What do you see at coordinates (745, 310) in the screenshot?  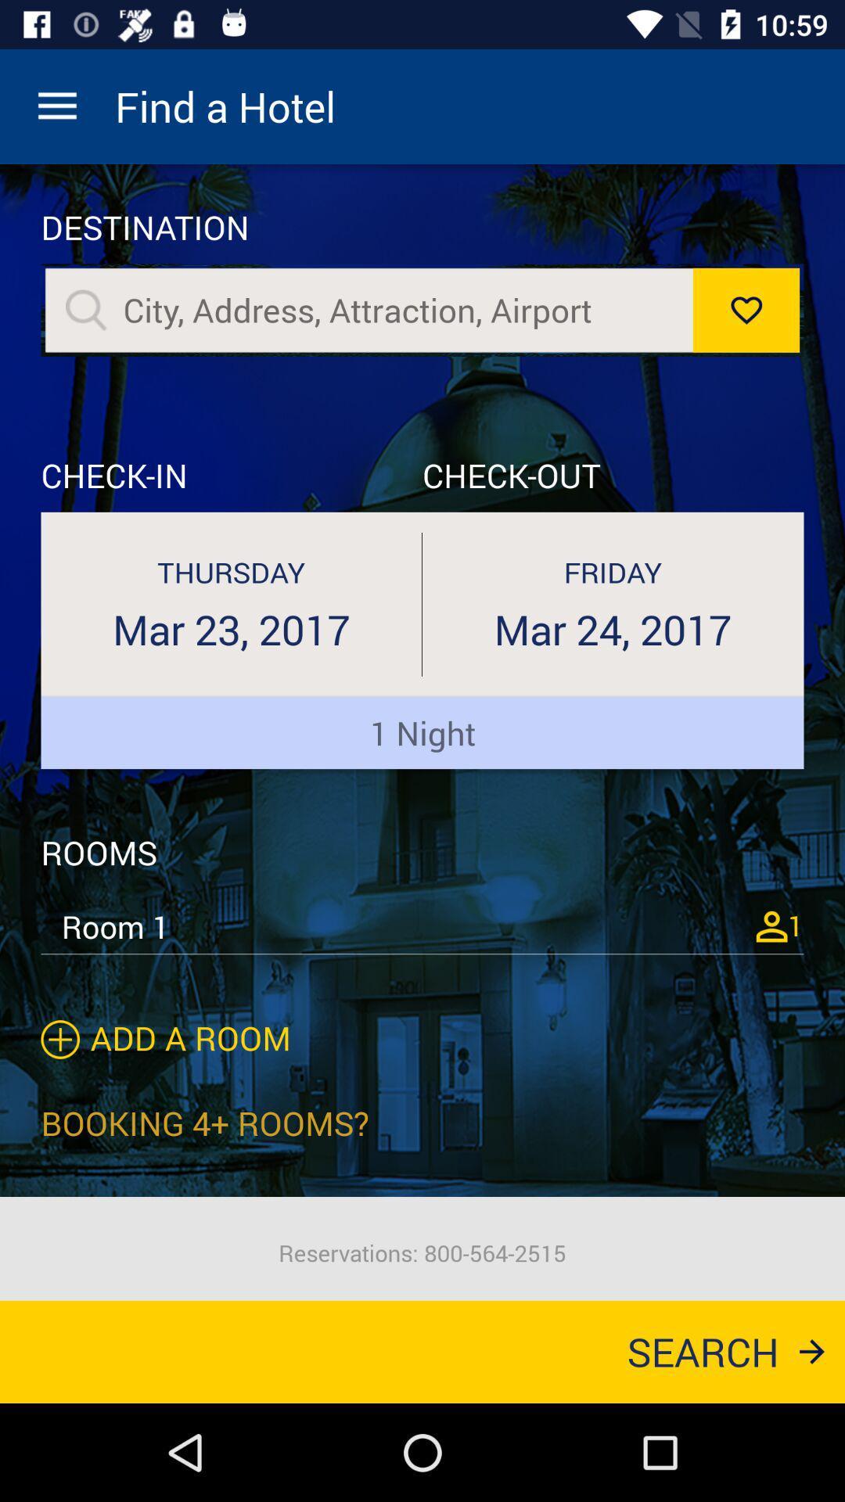 I see `like button` at bounding box center [745, 310].